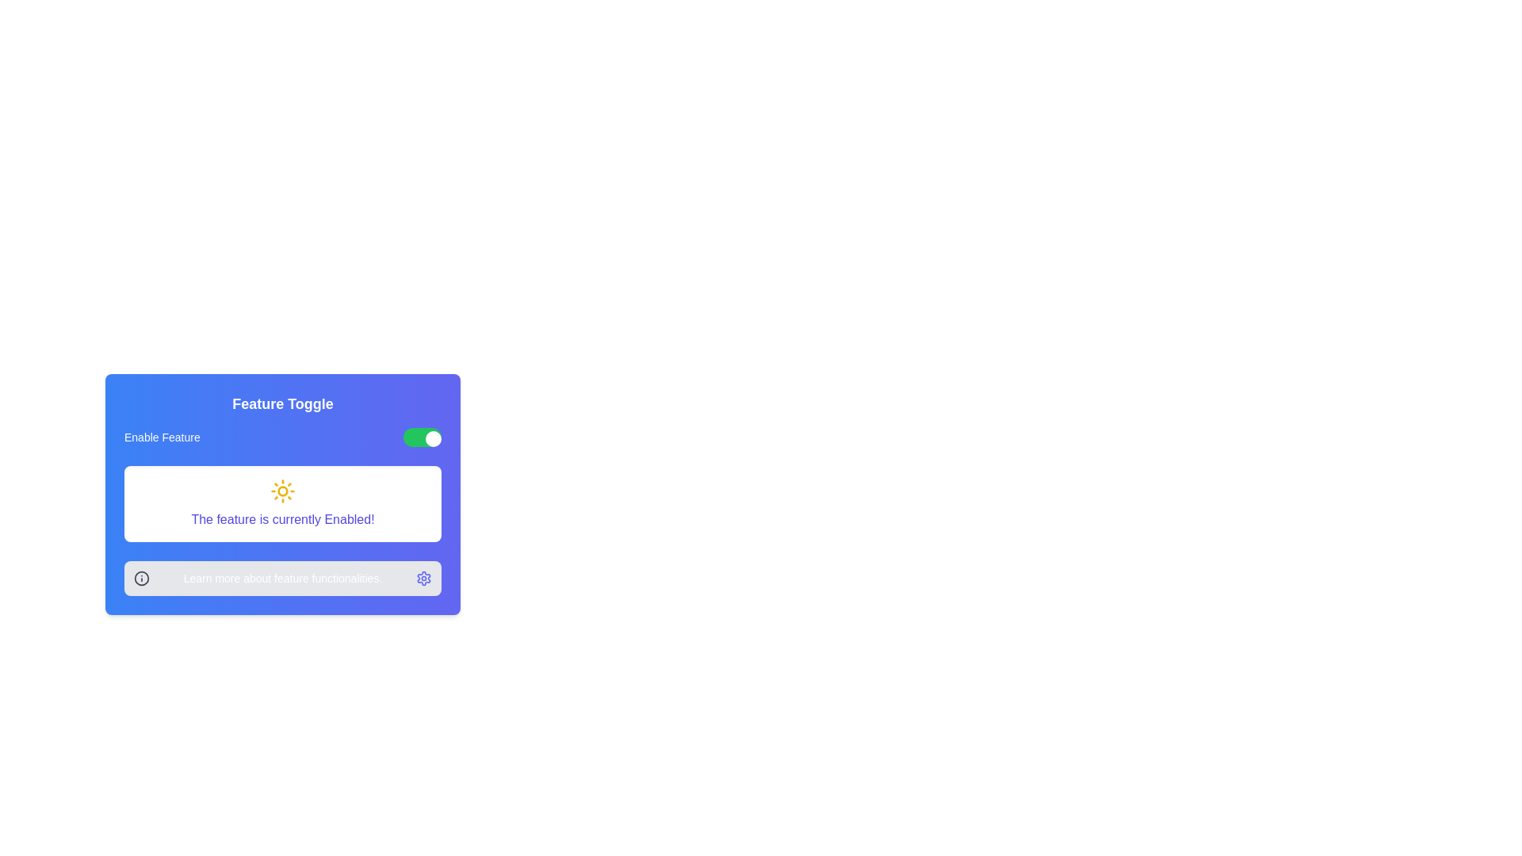  What do you see at coordinates (141, 578) in the screenshot?
I see `the Information Symbol icon located on the left side of the footer text 'Learn more about feature functionalities'` at bounding box center [141, 578].